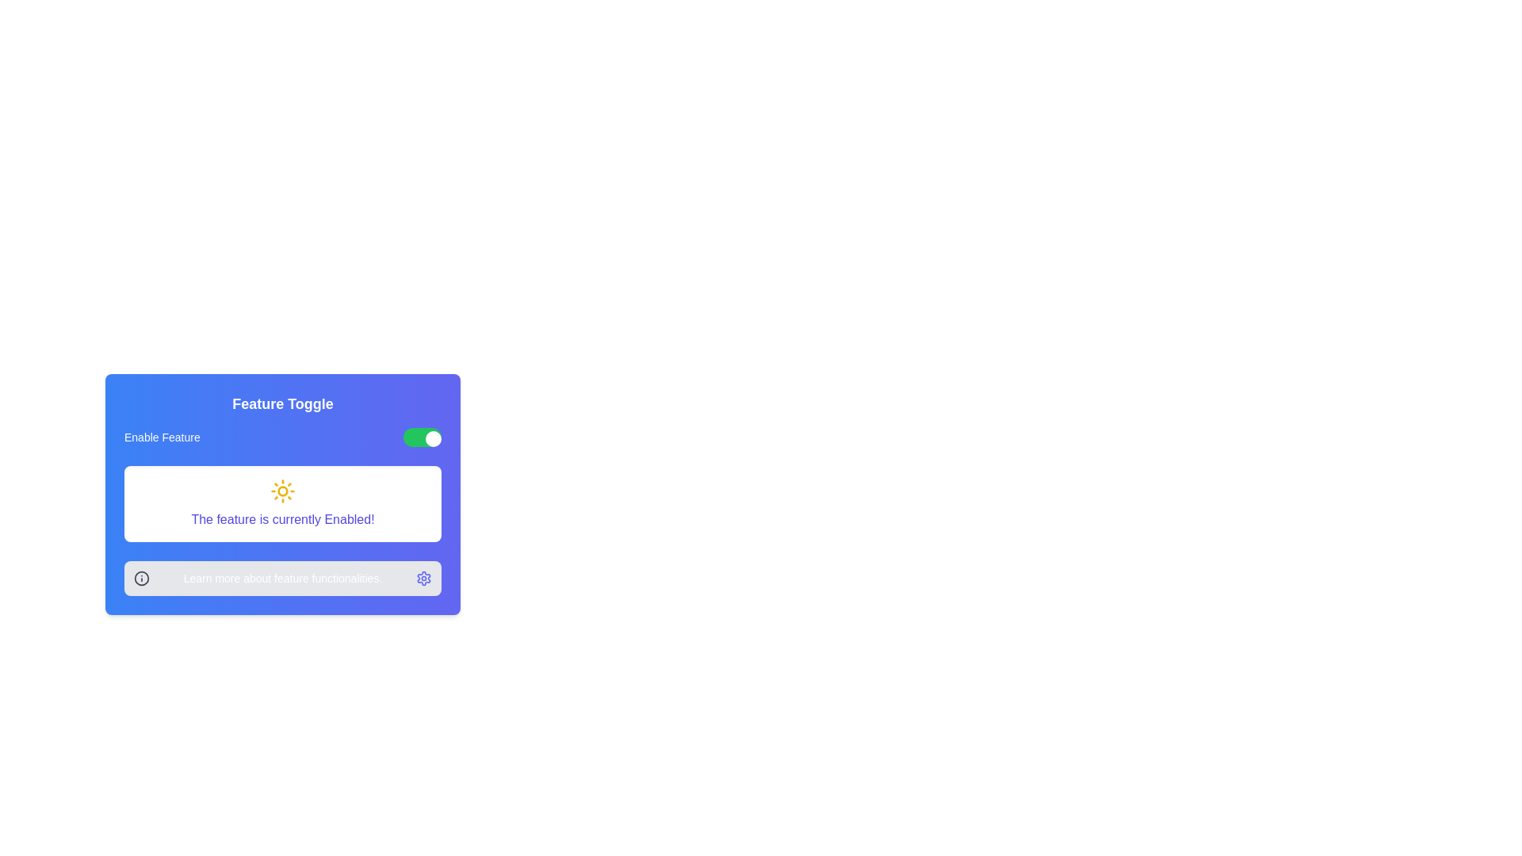  What do you see at coordinates (141, 578) in the screenshot?
I see `the Information Symbol icon located on the left side of the footer text 'Learn more about feature functionalities'` at bounding box center [141, 578].